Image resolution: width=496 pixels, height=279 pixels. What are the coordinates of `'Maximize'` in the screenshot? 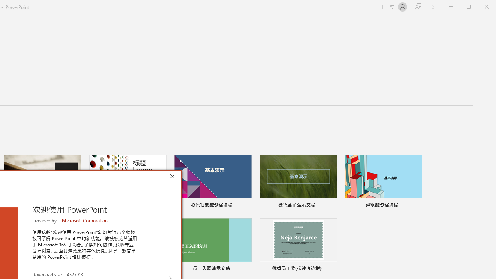 It's located at (480, 7).